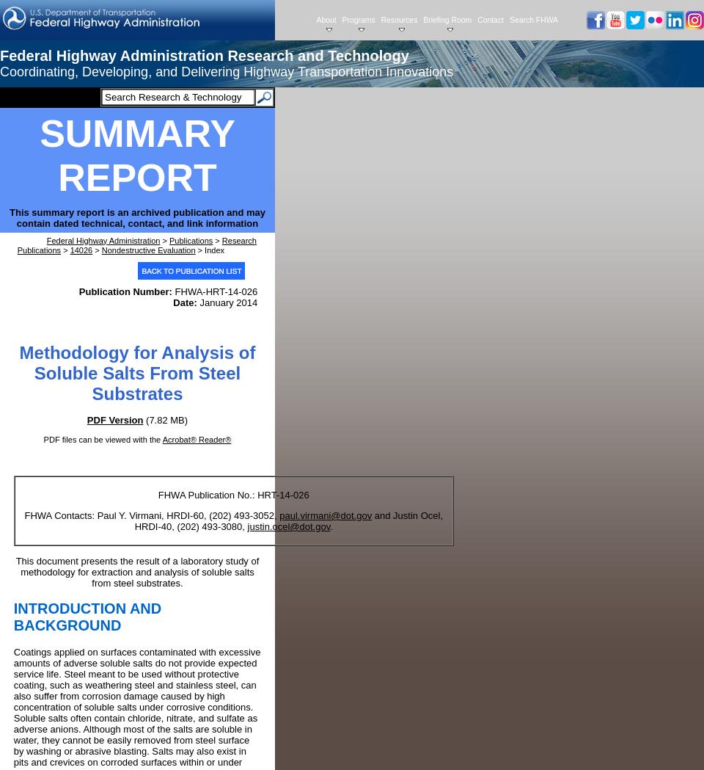  I want to click on 'Coordinating, Developing, and Delivering Highway Transportation Innovations', so click(227, 70).